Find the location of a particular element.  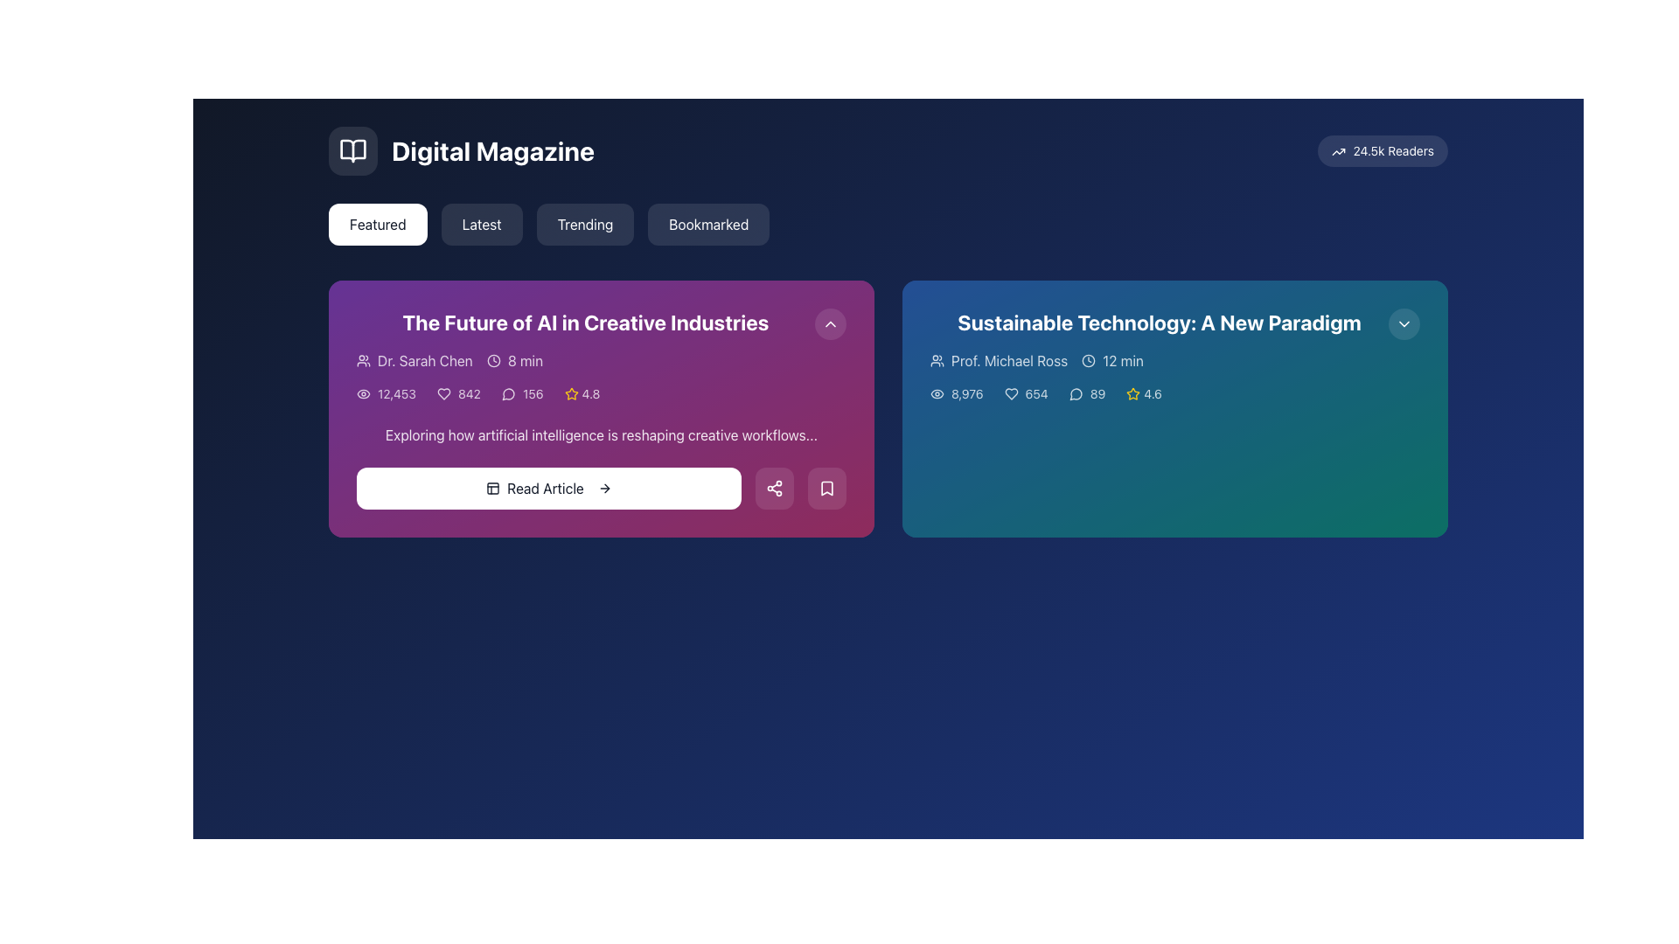

the decorative icon indicating '12 min' time duration, located to the right of the title 'Sustainable Technology: A New Paradigm' in the second card on the right is located at coordinates (1088, 359).